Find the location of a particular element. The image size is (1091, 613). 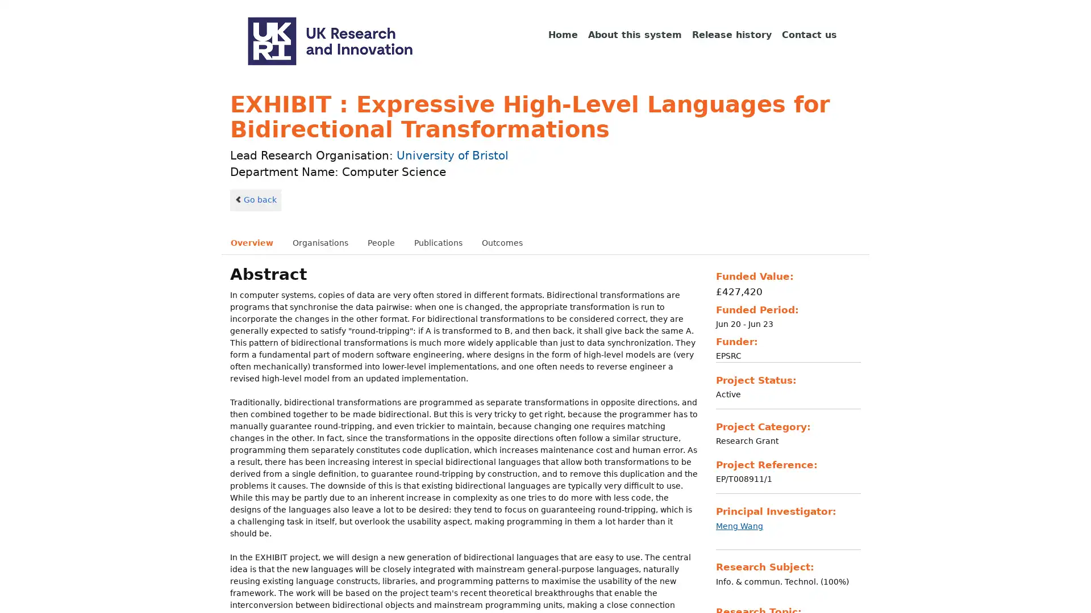

Go back is located at coordinates (255, 199).